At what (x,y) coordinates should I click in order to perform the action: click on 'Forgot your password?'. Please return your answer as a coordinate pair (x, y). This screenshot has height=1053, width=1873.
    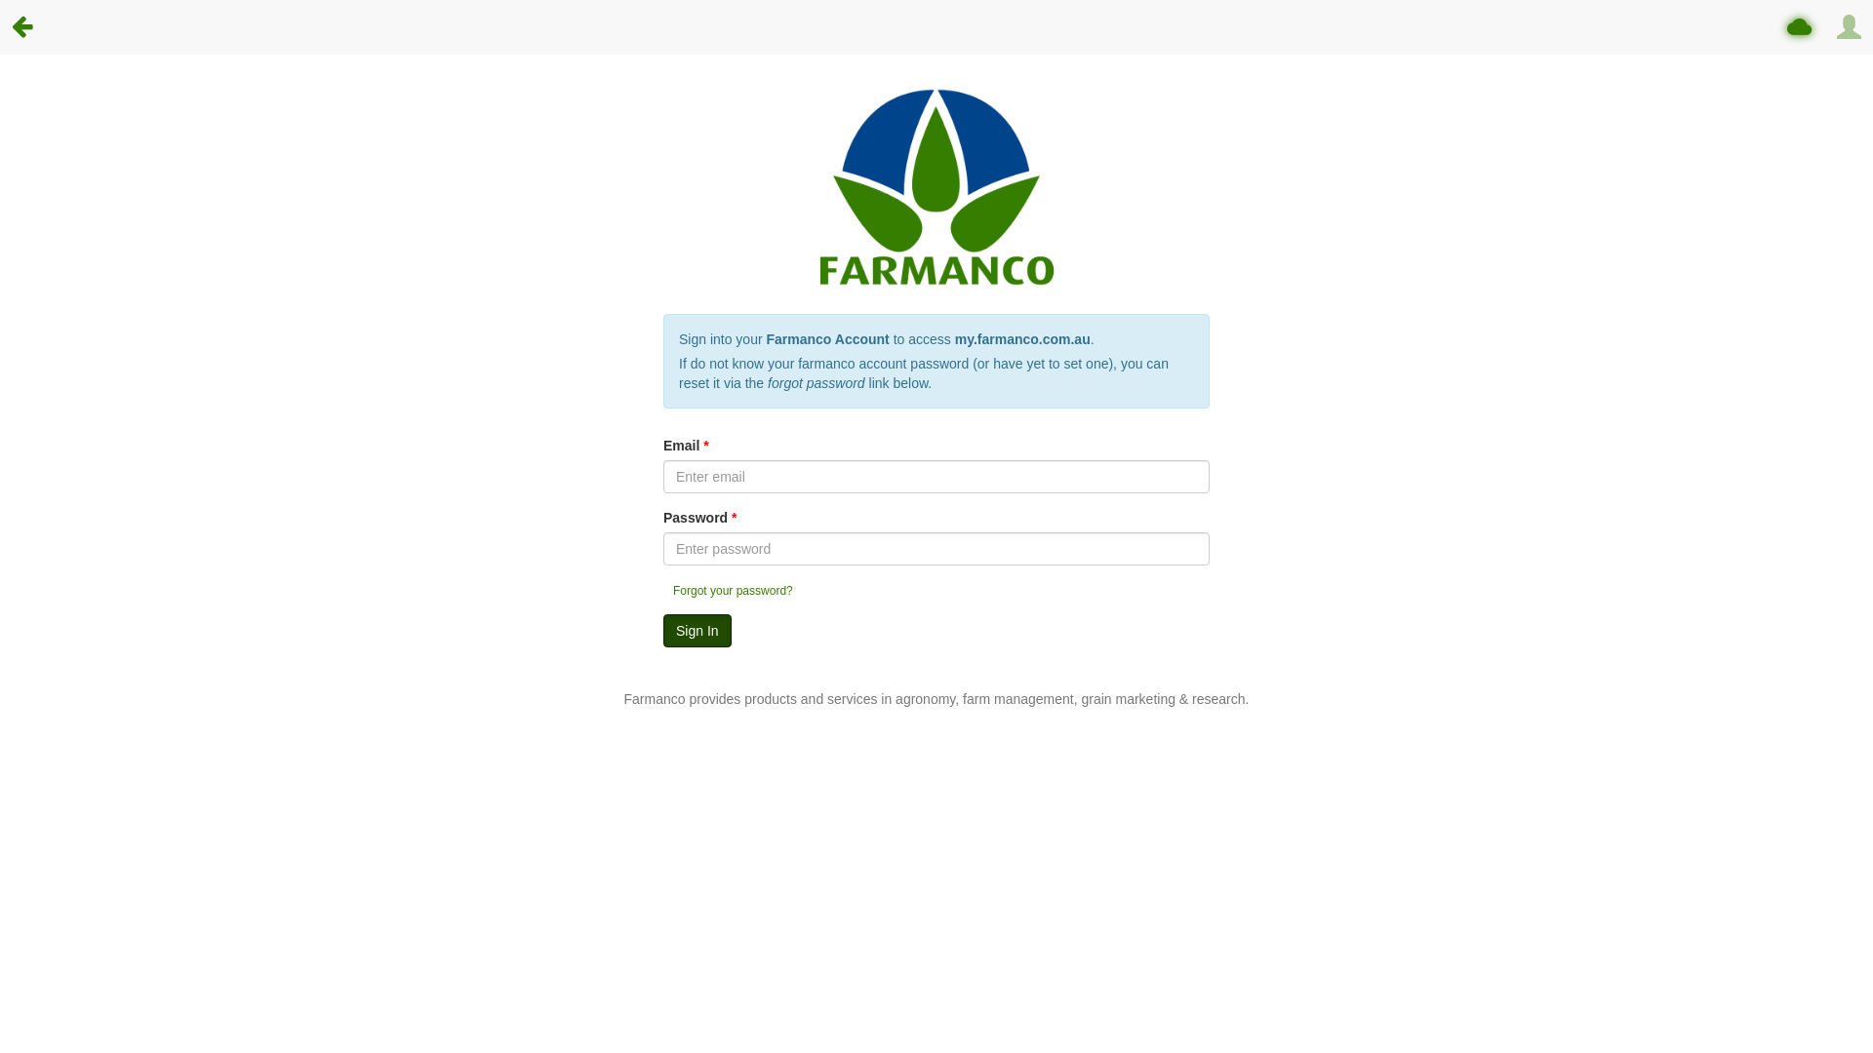
    Looking at the image, I should click on (732, 589).